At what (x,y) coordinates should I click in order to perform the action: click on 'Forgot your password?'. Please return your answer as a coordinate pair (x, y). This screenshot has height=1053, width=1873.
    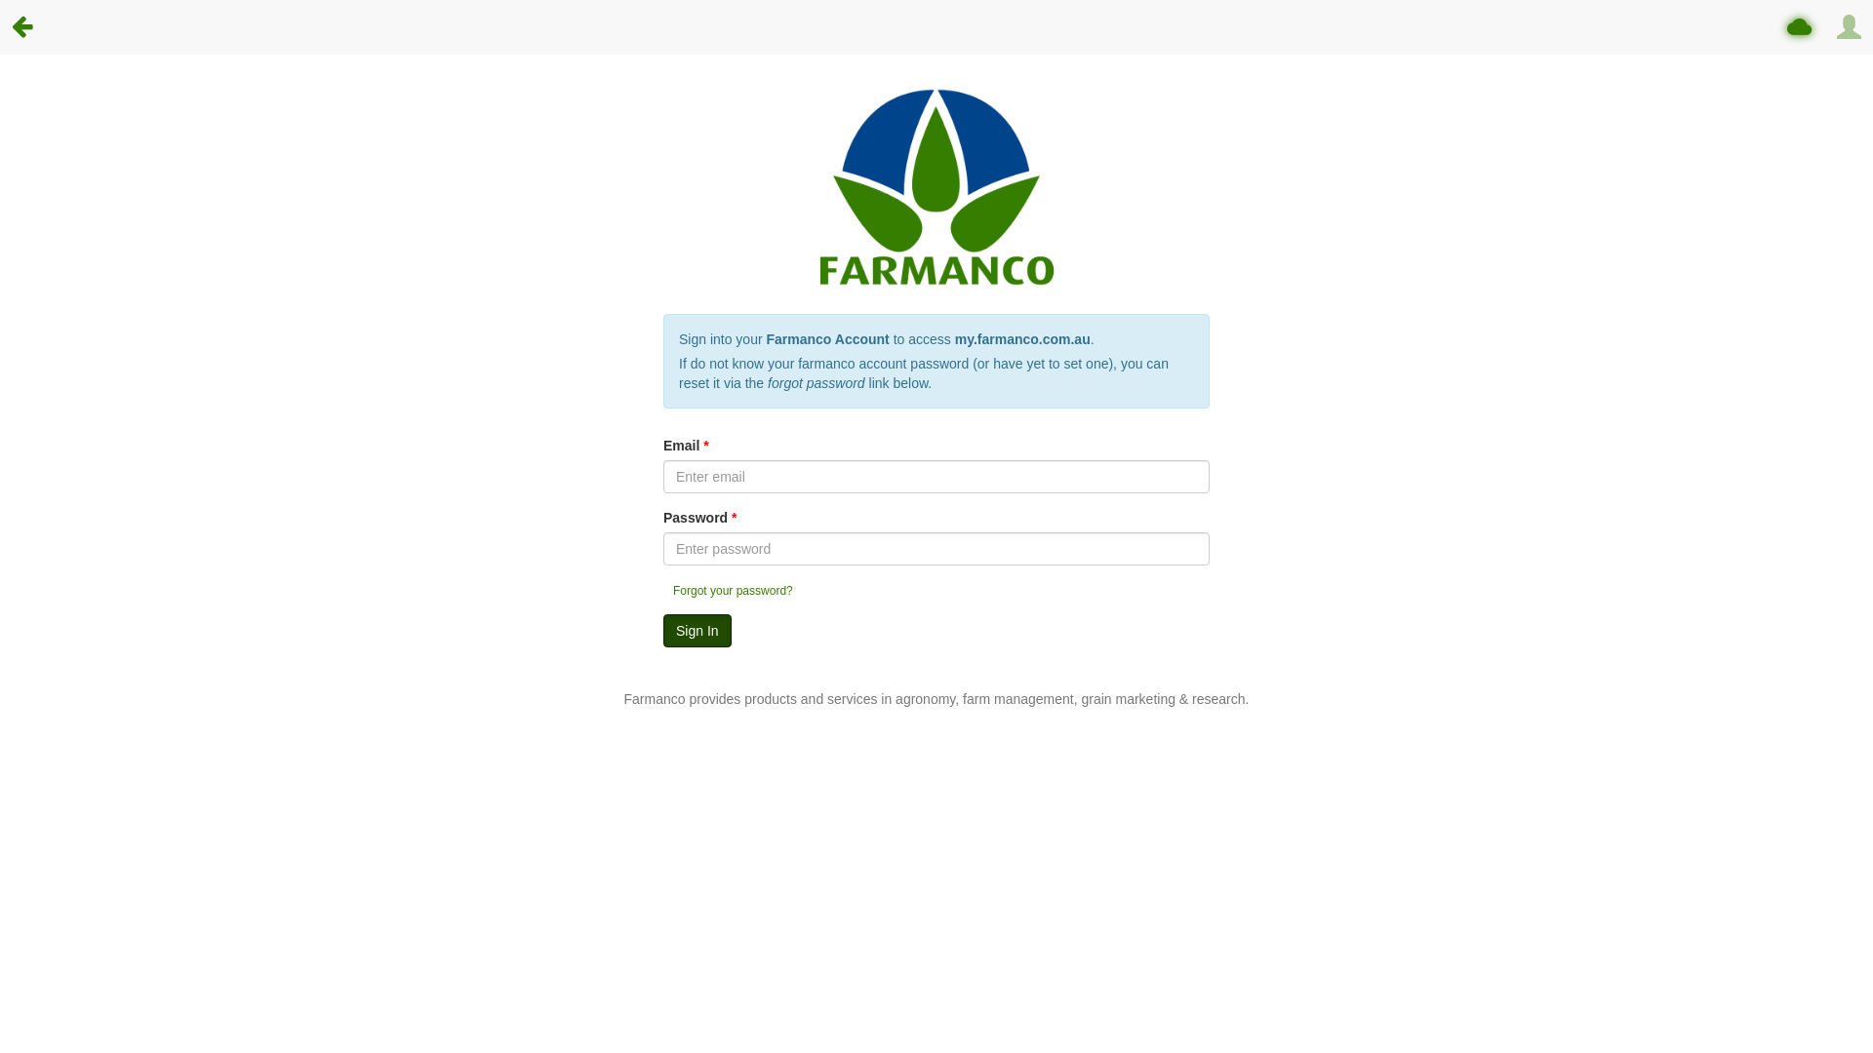
    Looking at the image, I should click on (732, 589).